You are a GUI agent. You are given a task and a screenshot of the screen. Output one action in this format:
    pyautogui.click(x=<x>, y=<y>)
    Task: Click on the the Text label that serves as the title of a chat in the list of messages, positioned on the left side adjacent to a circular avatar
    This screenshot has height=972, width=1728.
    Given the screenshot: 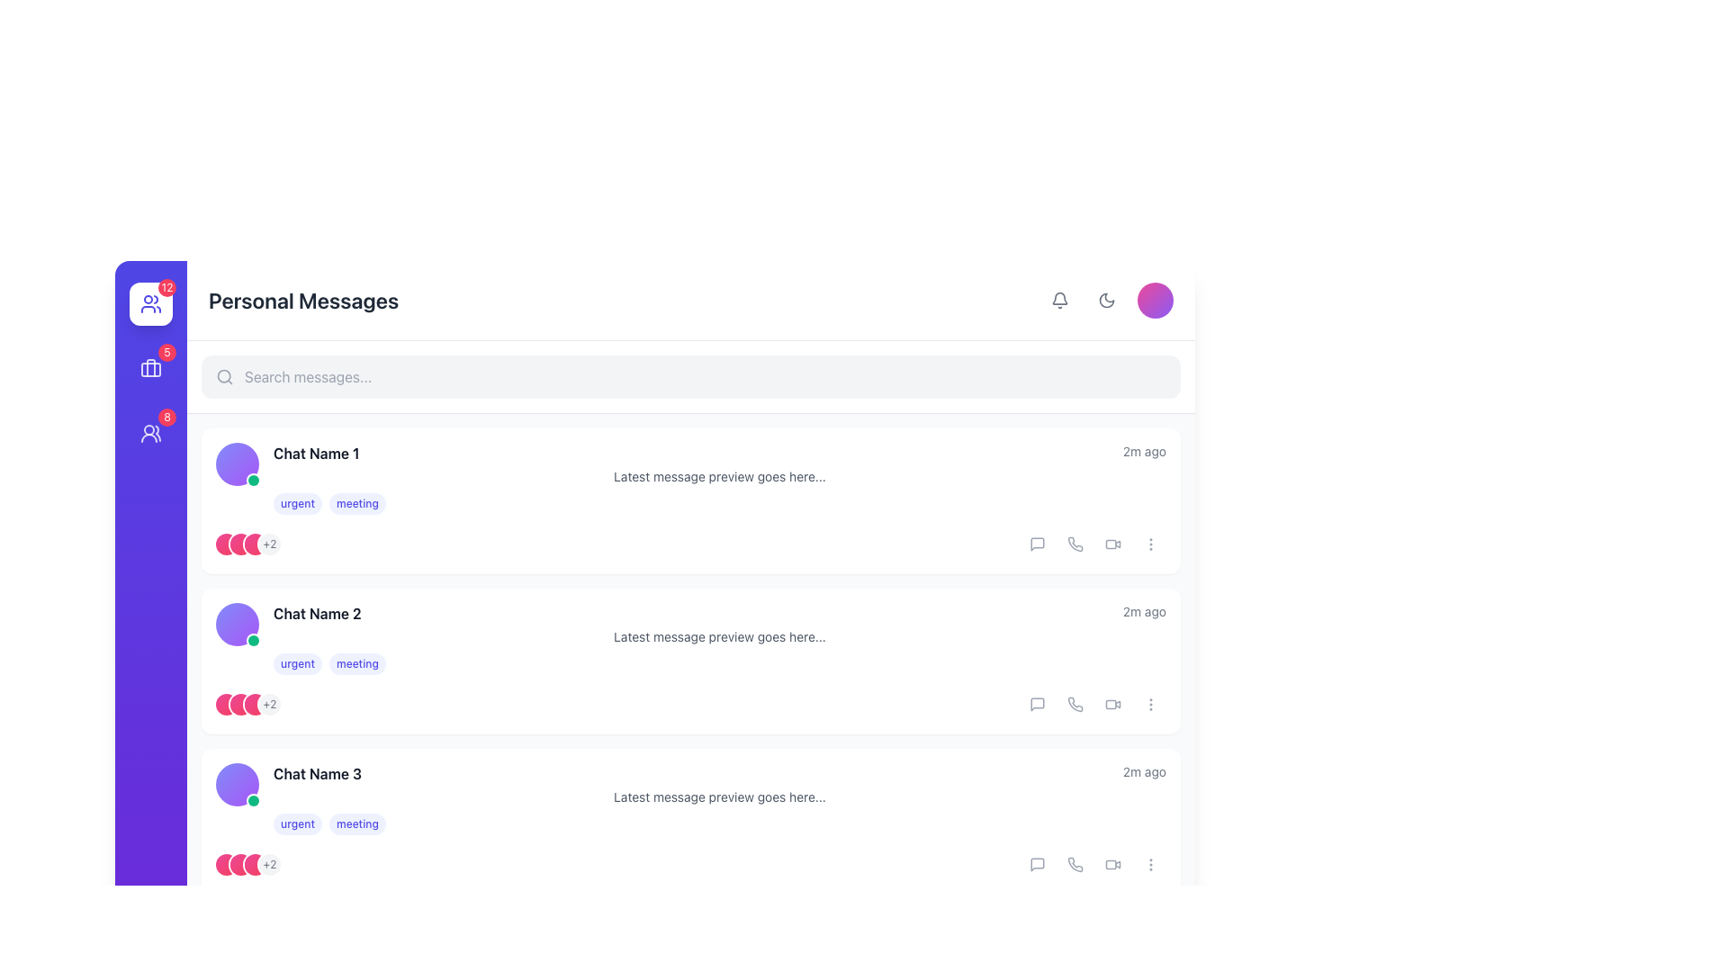 What is the action you would take?
    pyautogui.click(x=316, y=453)
    